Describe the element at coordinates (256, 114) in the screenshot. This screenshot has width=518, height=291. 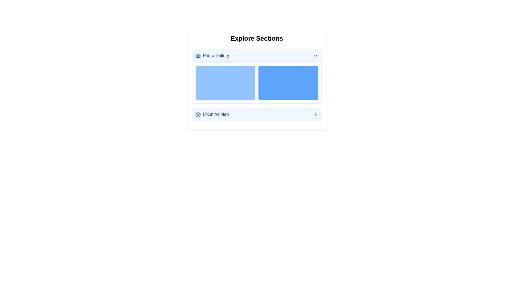
I see `the second item in the 'Explore Sections' card, which redirects to 'Location Map'` at that location.